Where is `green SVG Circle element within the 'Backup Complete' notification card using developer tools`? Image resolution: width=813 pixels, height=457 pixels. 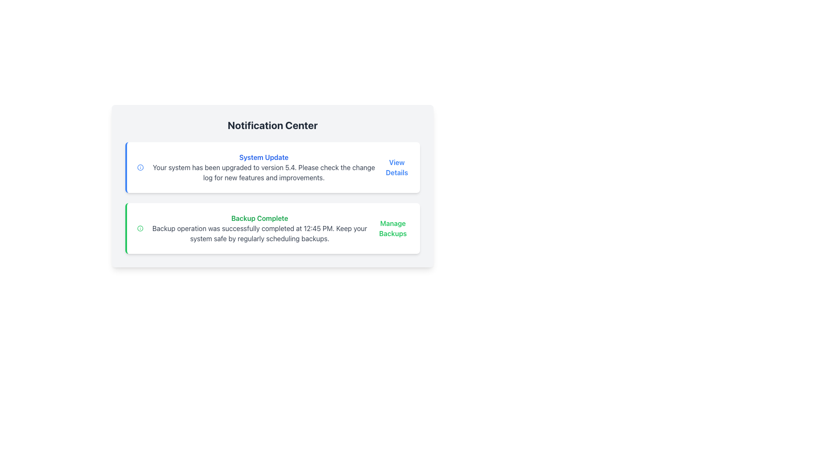 green SVG Circle element within the 'Backup Complete' notification card using developer tools is located at coordinates (140, 228).